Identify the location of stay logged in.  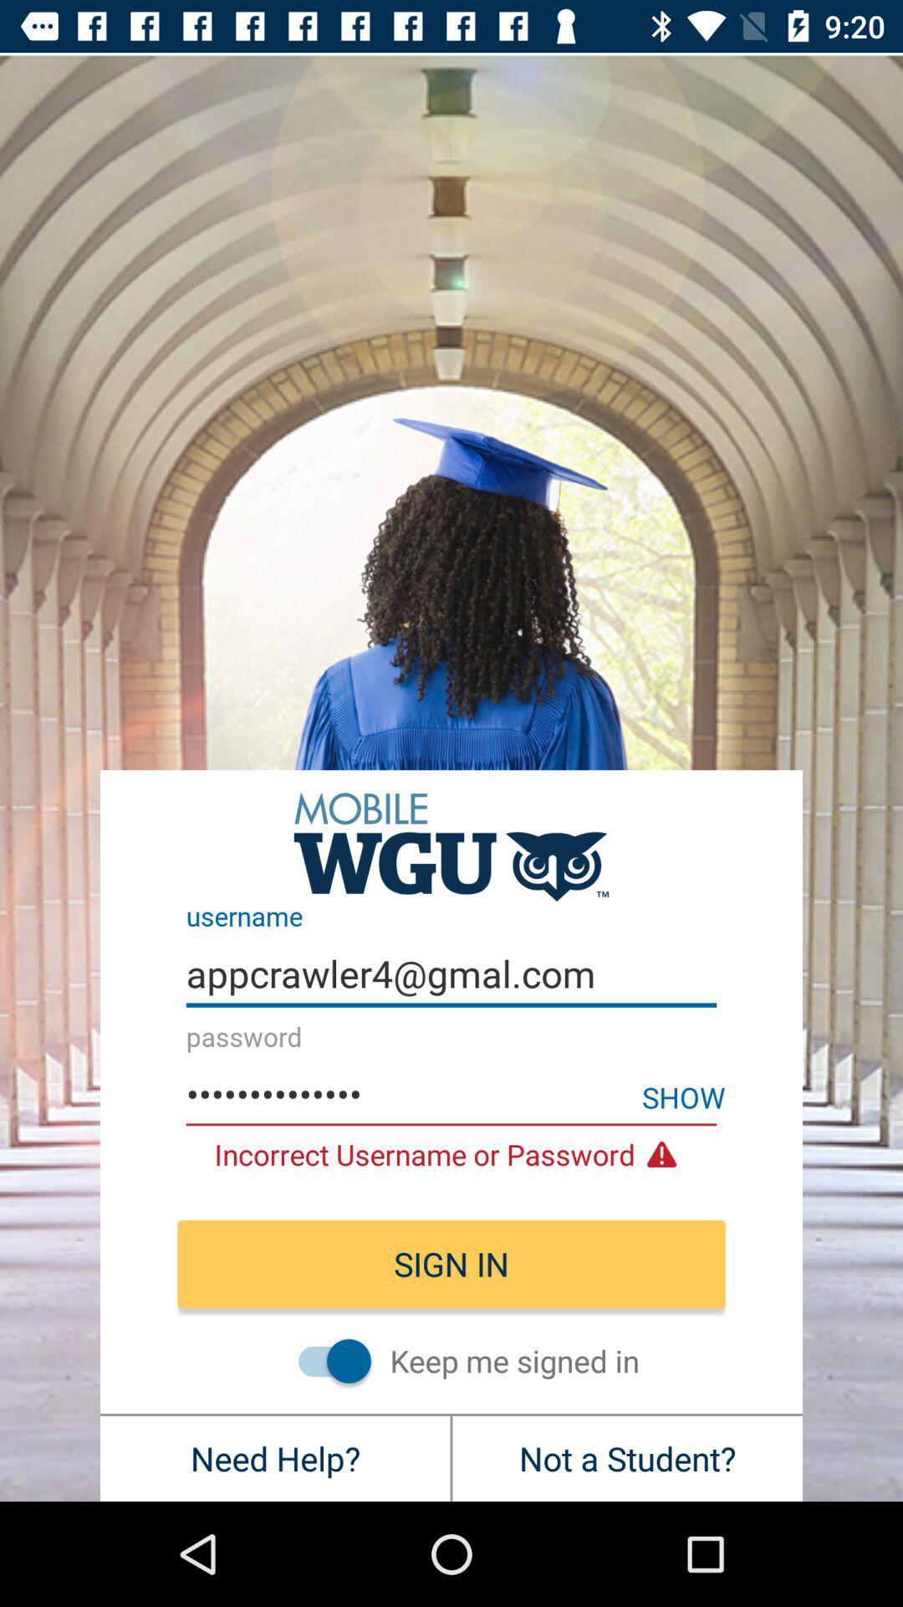
(326, 1361).